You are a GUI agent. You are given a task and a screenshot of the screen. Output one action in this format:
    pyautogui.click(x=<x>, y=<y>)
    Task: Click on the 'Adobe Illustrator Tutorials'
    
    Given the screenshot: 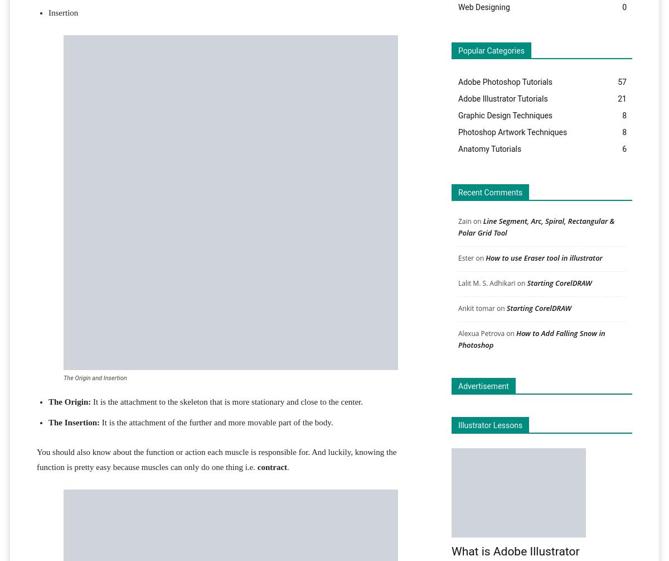 What is the action you would take?
    pyautogui.click(x=503, y=97)
    